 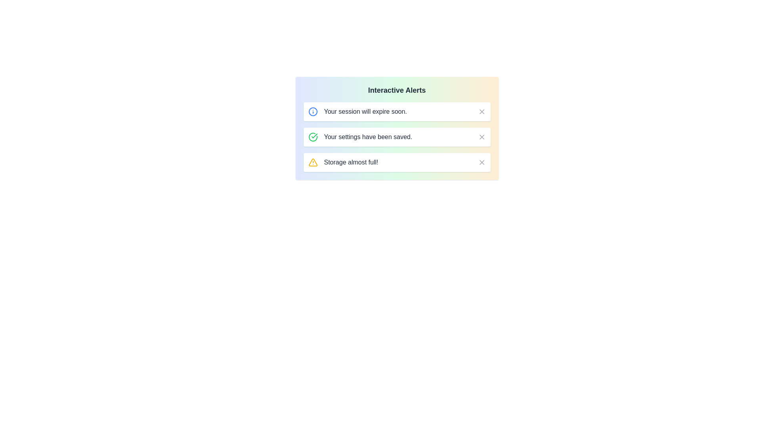 I want to click on alert message from the notification item indicating storage nearing full capacity, which is the third notification in the vertical list of alerts, so click(x=397, y=162).